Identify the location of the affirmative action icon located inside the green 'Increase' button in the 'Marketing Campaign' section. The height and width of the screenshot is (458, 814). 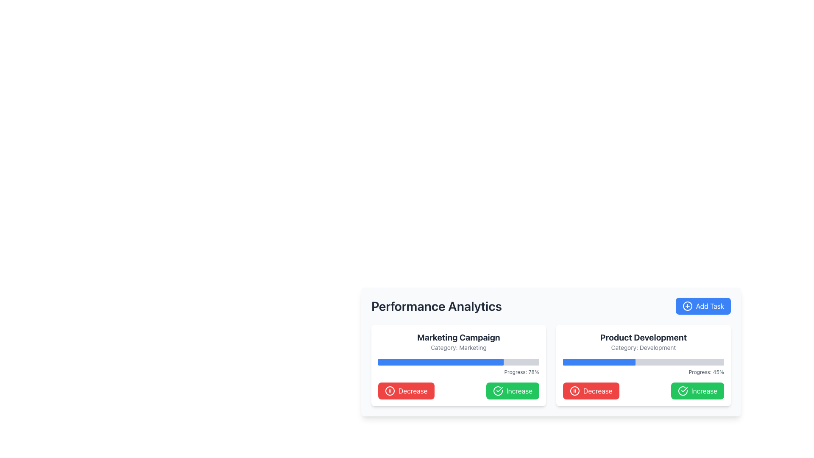
(499, 389).